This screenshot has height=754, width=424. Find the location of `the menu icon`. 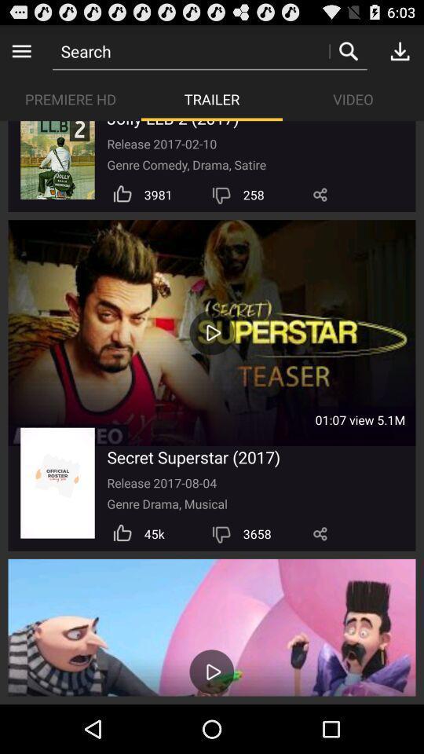

the menu icon is located at coordinates (20, 54).